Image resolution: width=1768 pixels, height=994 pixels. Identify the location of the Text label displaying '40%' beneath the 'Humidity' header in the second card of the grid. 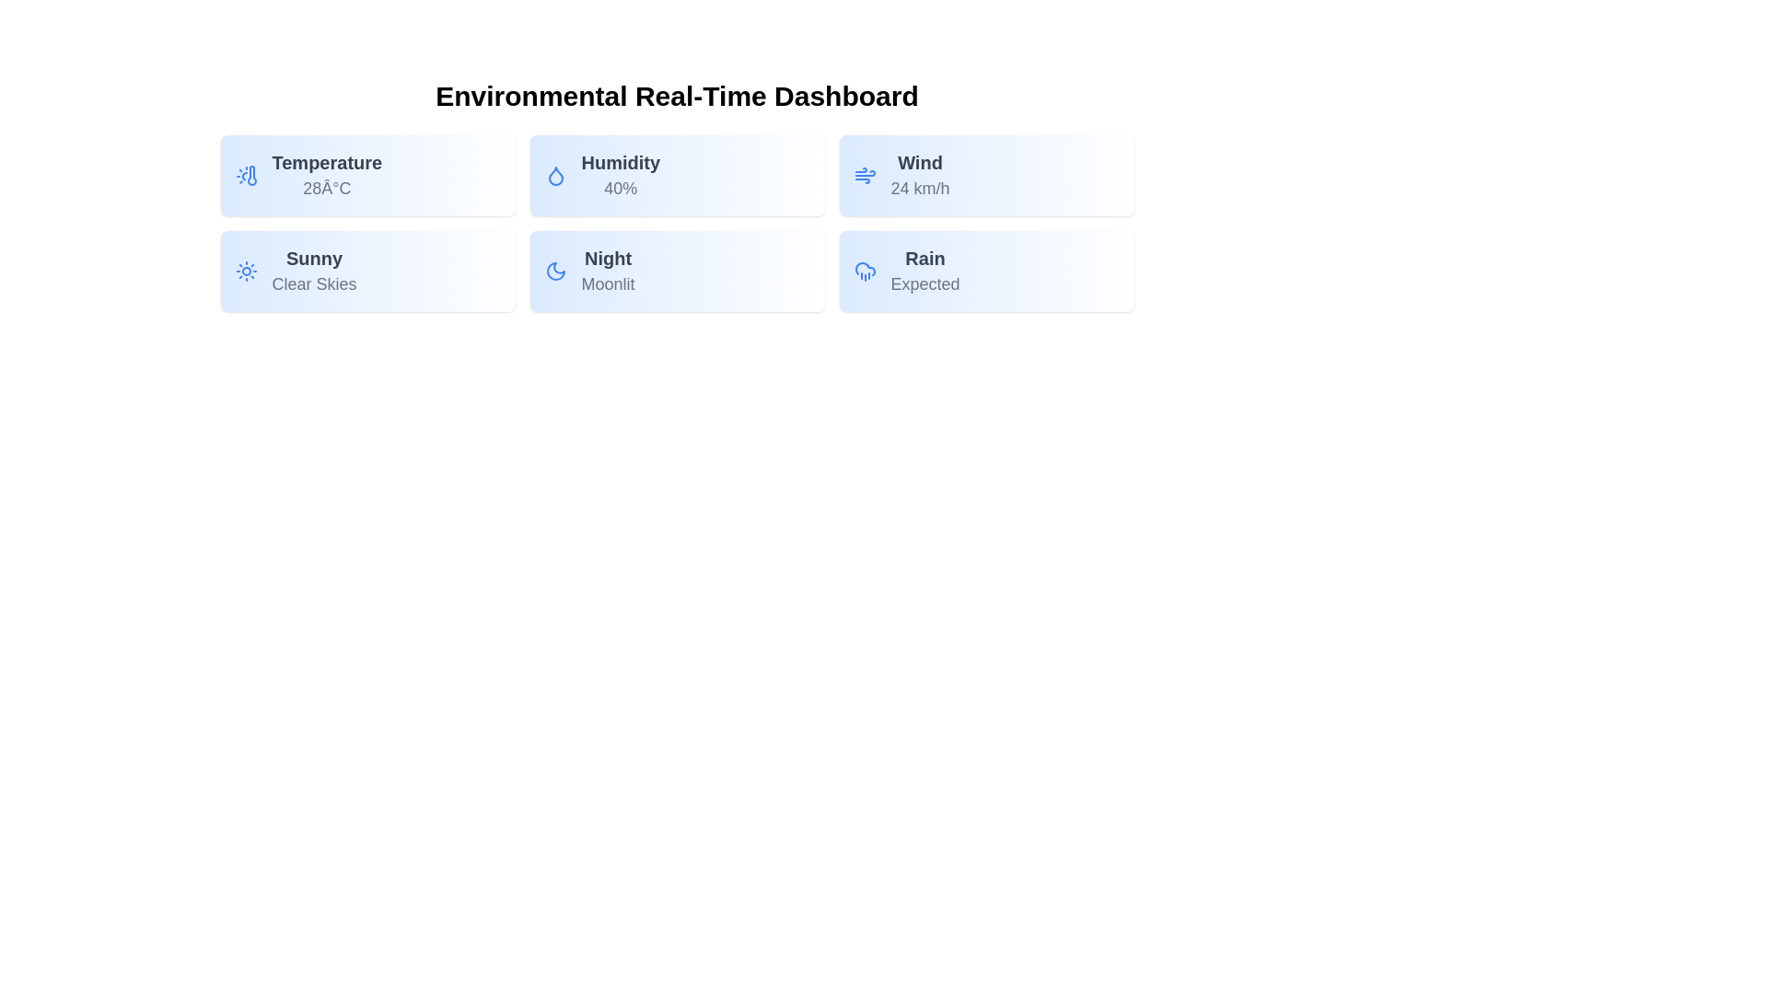
(621, 188).